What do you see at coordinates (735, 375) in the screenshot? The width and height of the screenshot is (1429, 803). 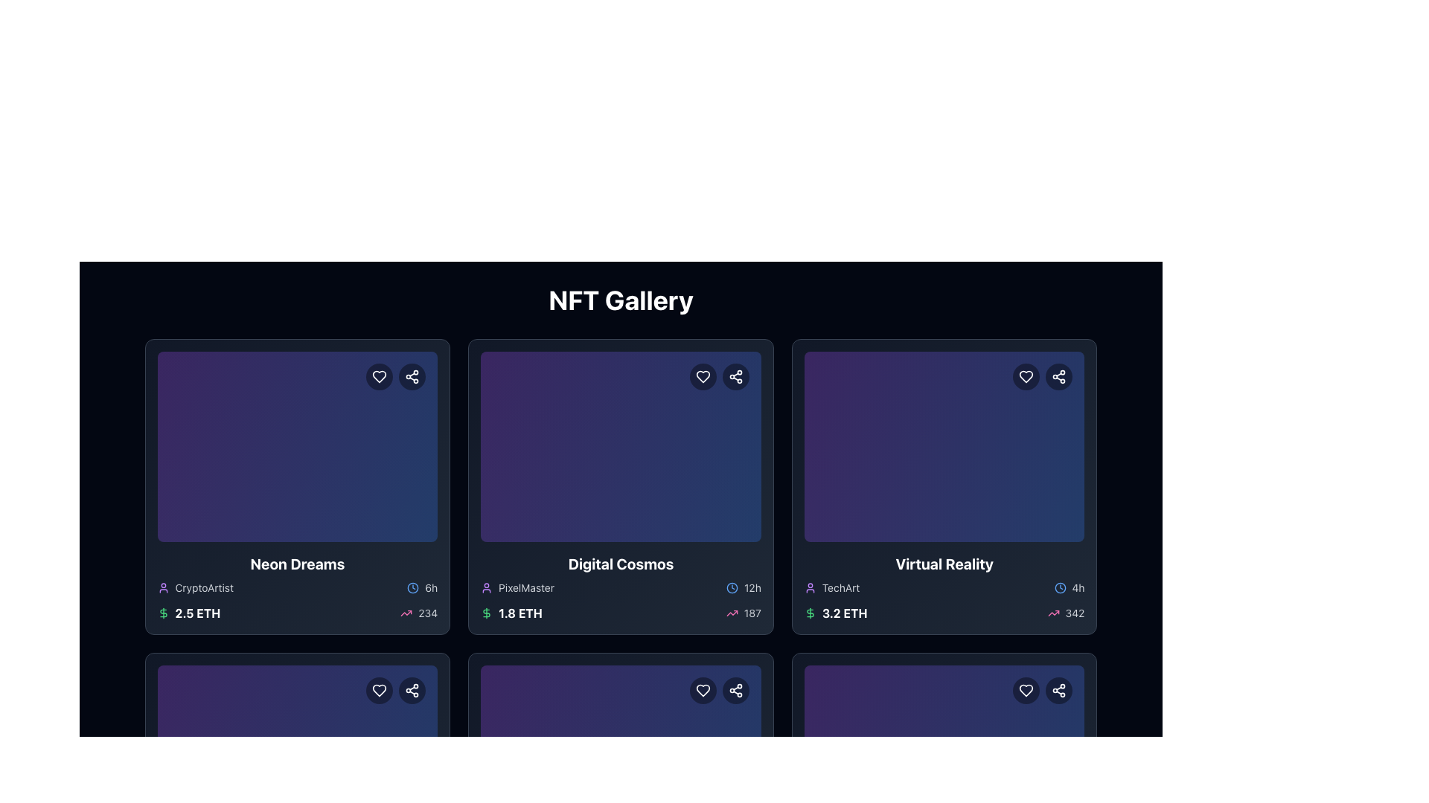 I see `the share icon button, which is represented by three interconnected circles within a black circular button, located in the upper-right corner of the 'Digital Cosmos' card` at bounding box center [735, 375].